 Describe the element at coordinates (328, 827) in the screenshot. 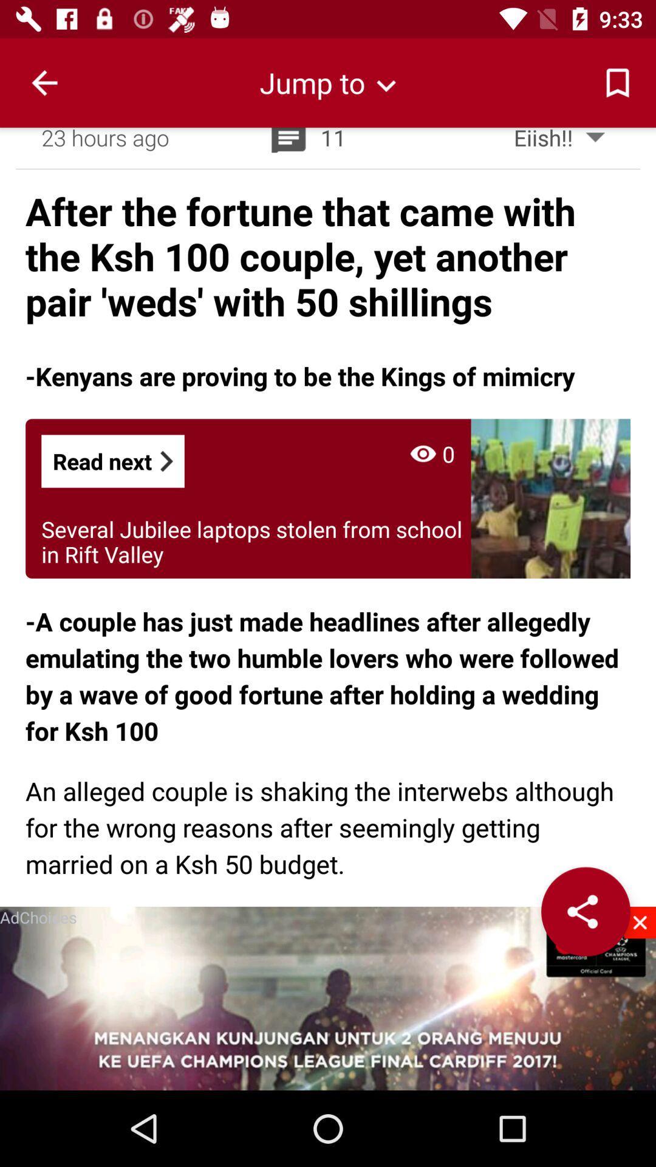

I see `the an alleged couple app` at that location.